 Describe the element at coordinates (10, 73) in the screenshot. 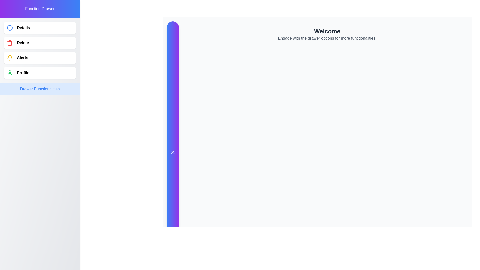

I see `the green outlined user profile icon located to the left of the text 'Profile' in the function drawer menu` at that location.